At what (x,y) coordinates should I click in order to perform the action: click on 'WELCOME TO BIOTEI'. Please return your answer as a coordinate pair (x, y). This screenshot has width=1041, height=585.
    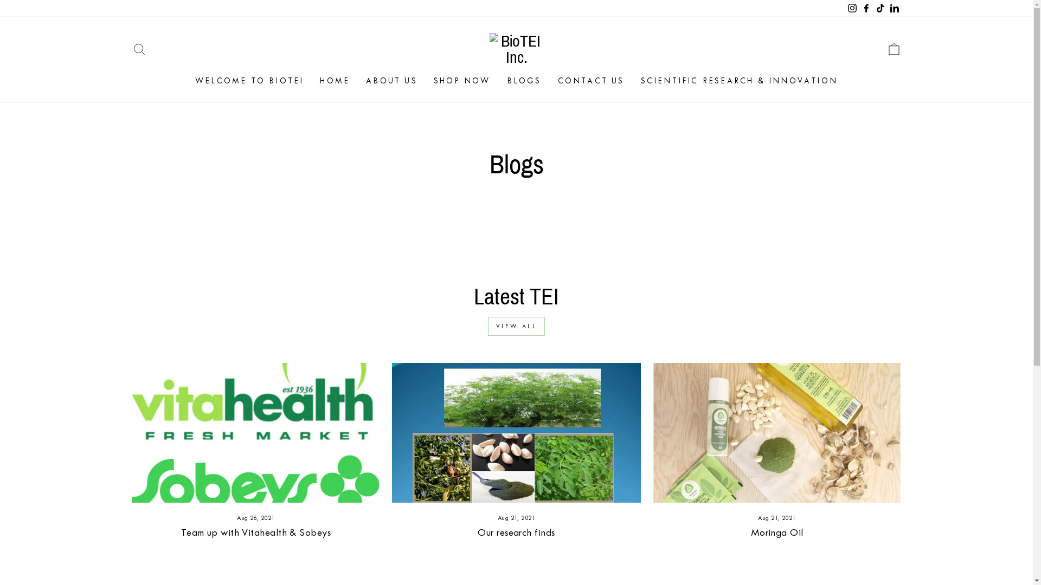
    Looking at the image, I should click on (187, 80).